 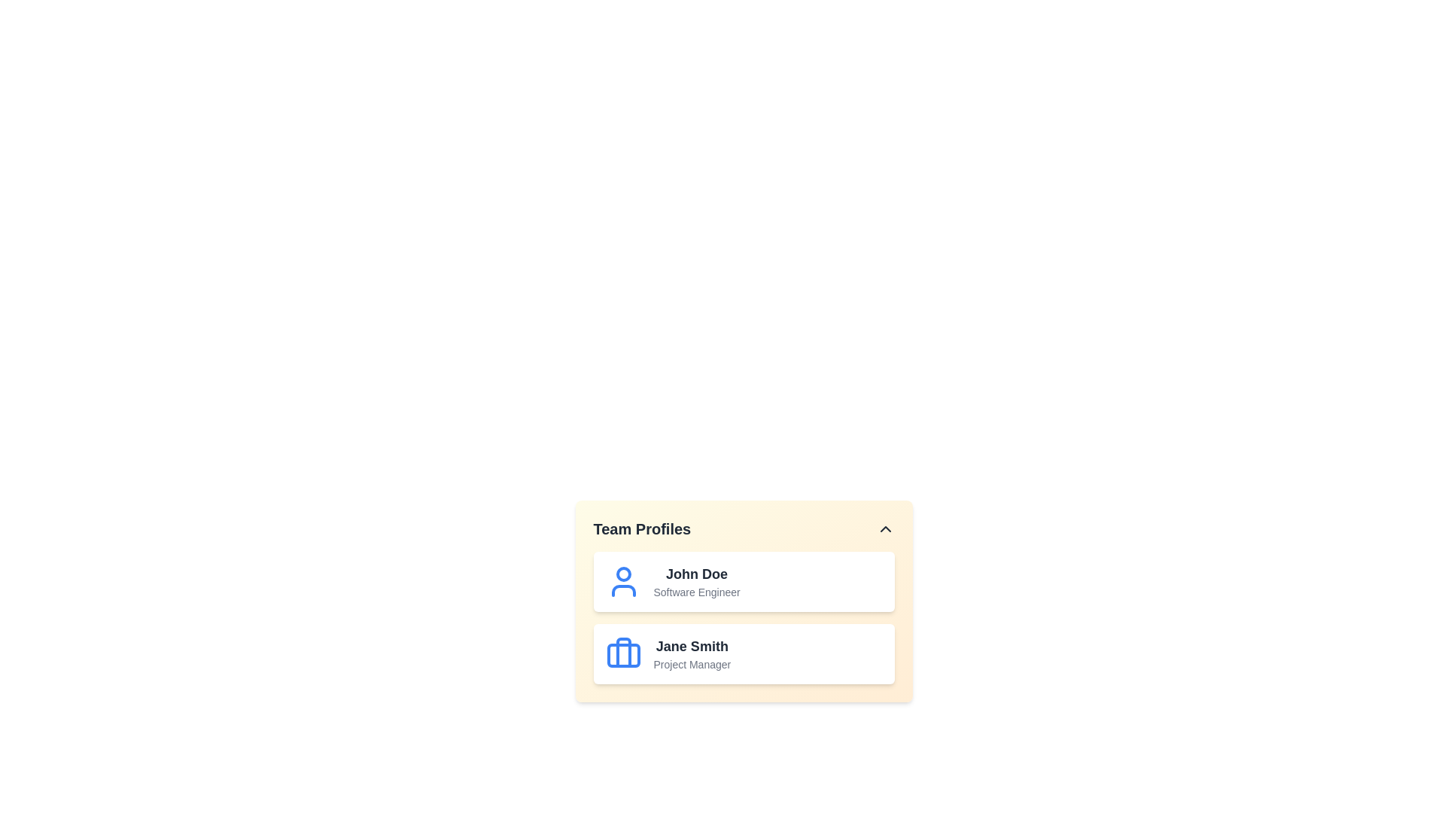 I want to click on the blue suitcase icon located next to Jane Smith's name and title, Project Manager, so click(x=623, y=653).